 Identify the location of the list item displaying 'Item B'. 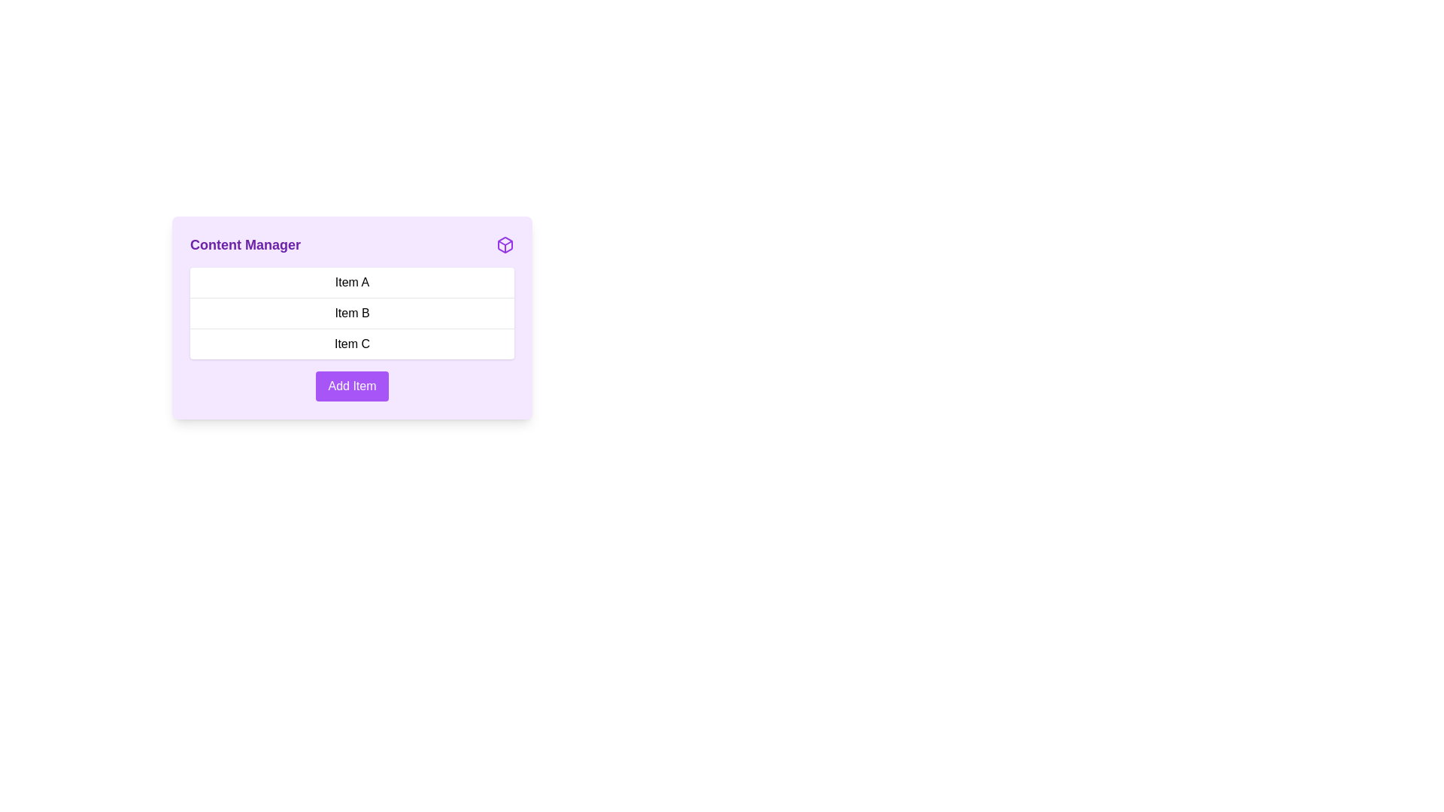
(351, 317).